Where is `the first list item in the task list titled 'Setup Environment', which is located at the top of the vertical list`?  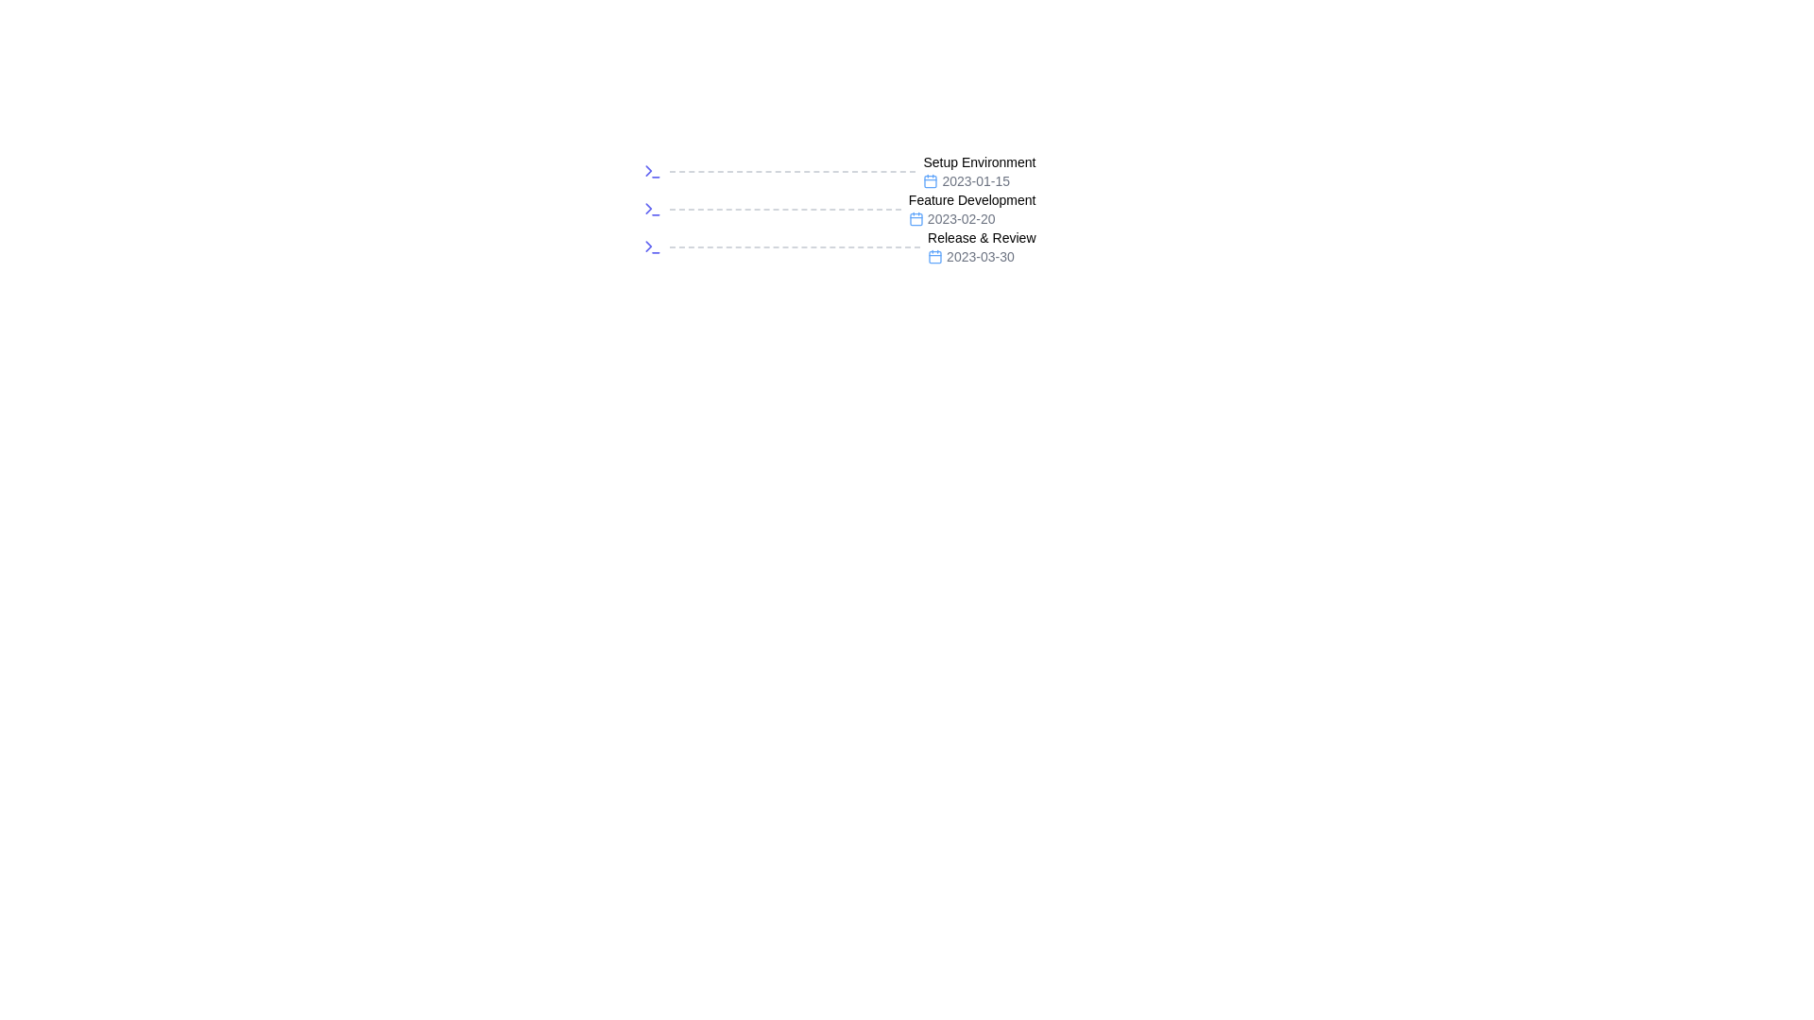 the first list item in the task list titled 'Setup Environment', which is located at the top of the vertical list is located at coordinates (838, 171).